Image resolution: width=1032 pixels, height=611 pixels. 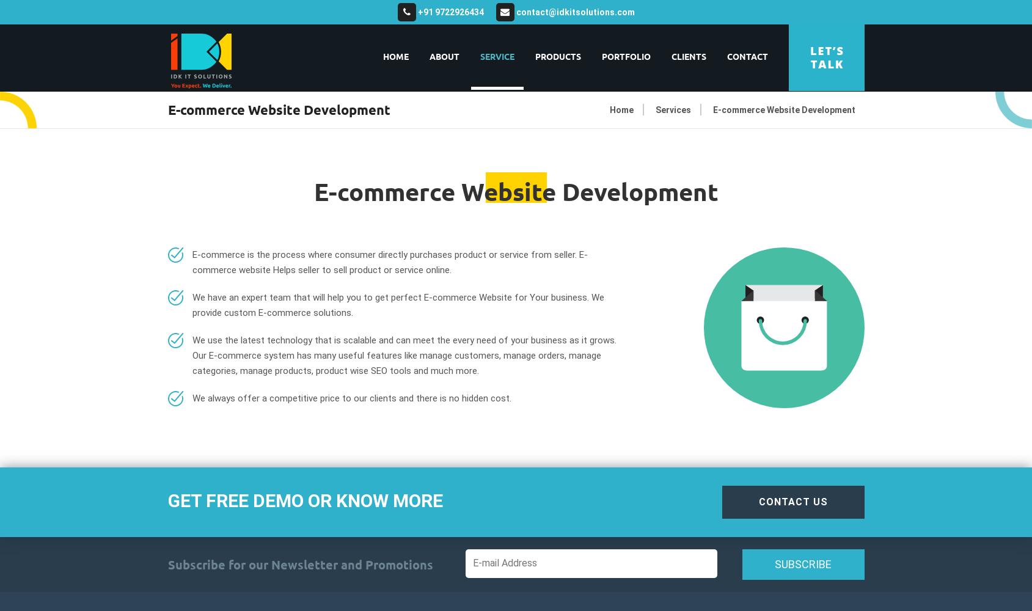 What do you see at coordinates (404, 355) in the screenshot?
I see `'We use the latest technology that is scalable and can meet the every need of your business as it grows. Our E-commerce system has many useful features like manage customers, manage orders, manage categories, manage products, product wise SEO tools and much more.'` at bounding box center [404, 355].